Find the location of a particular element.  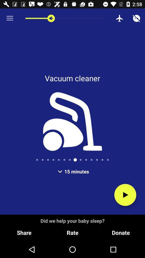

paly button is located at coordinates (125, 195).